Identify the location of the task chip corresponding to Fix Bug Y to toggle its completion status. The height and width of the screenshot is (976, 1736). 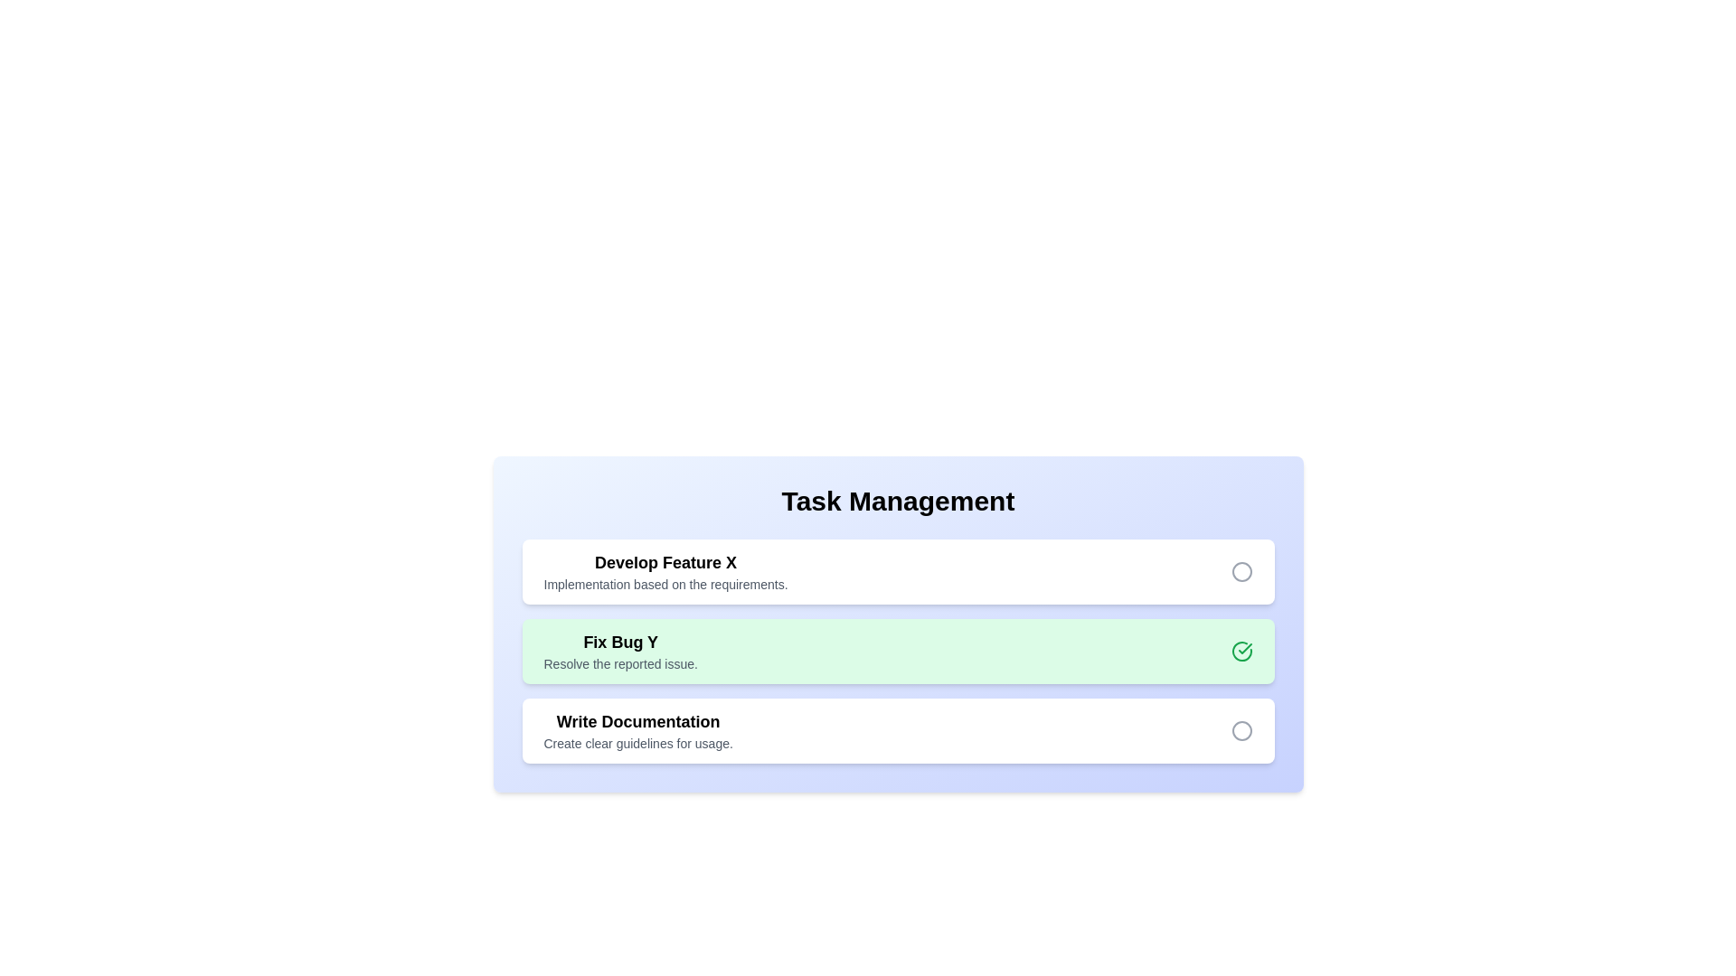
(620, 652).